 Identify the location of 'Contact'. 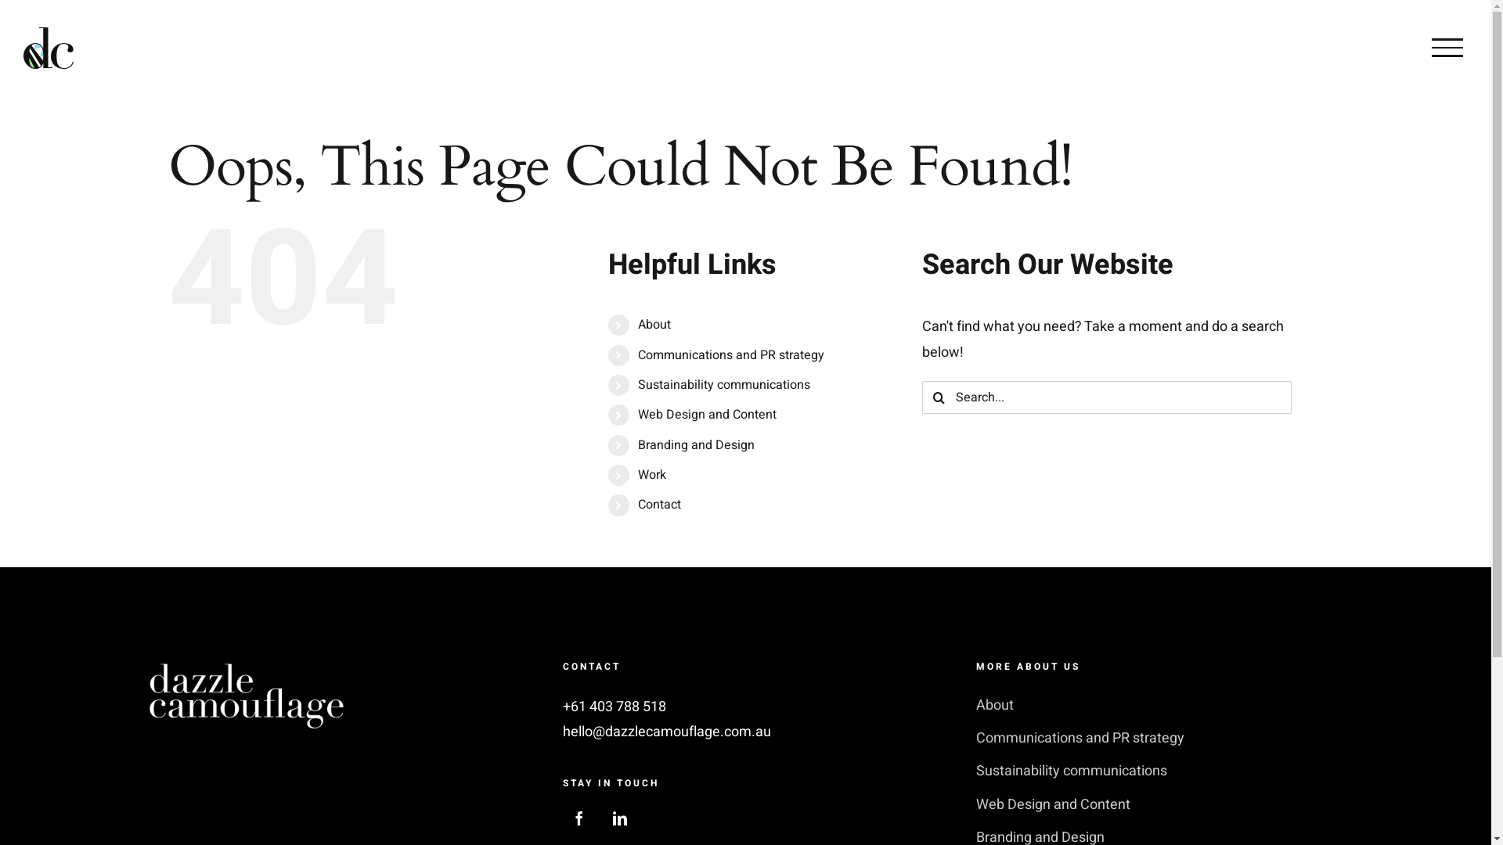
(638, 504).